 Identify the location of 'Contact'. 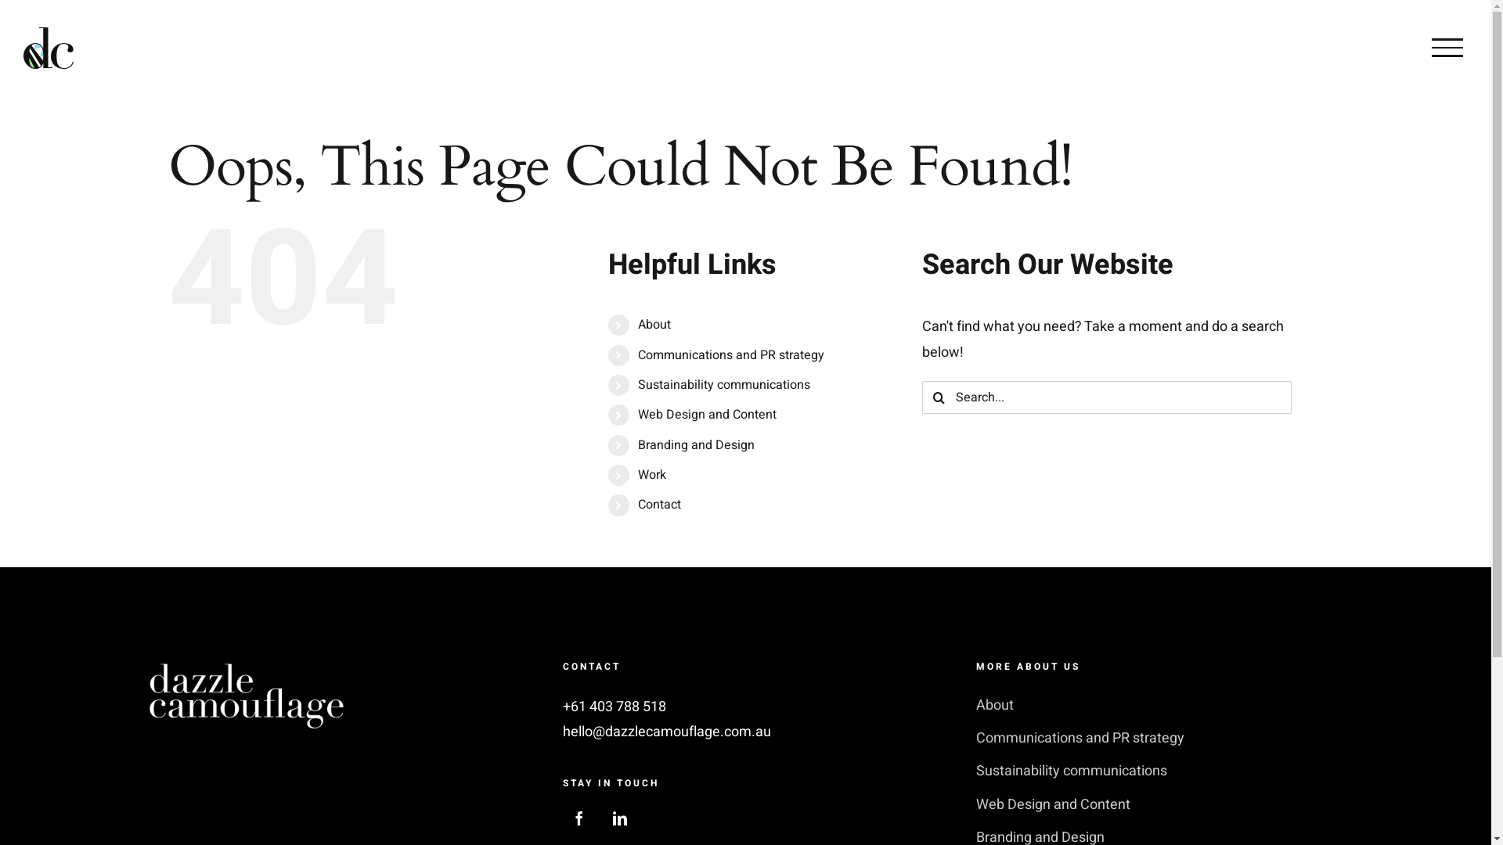
(638, 504).